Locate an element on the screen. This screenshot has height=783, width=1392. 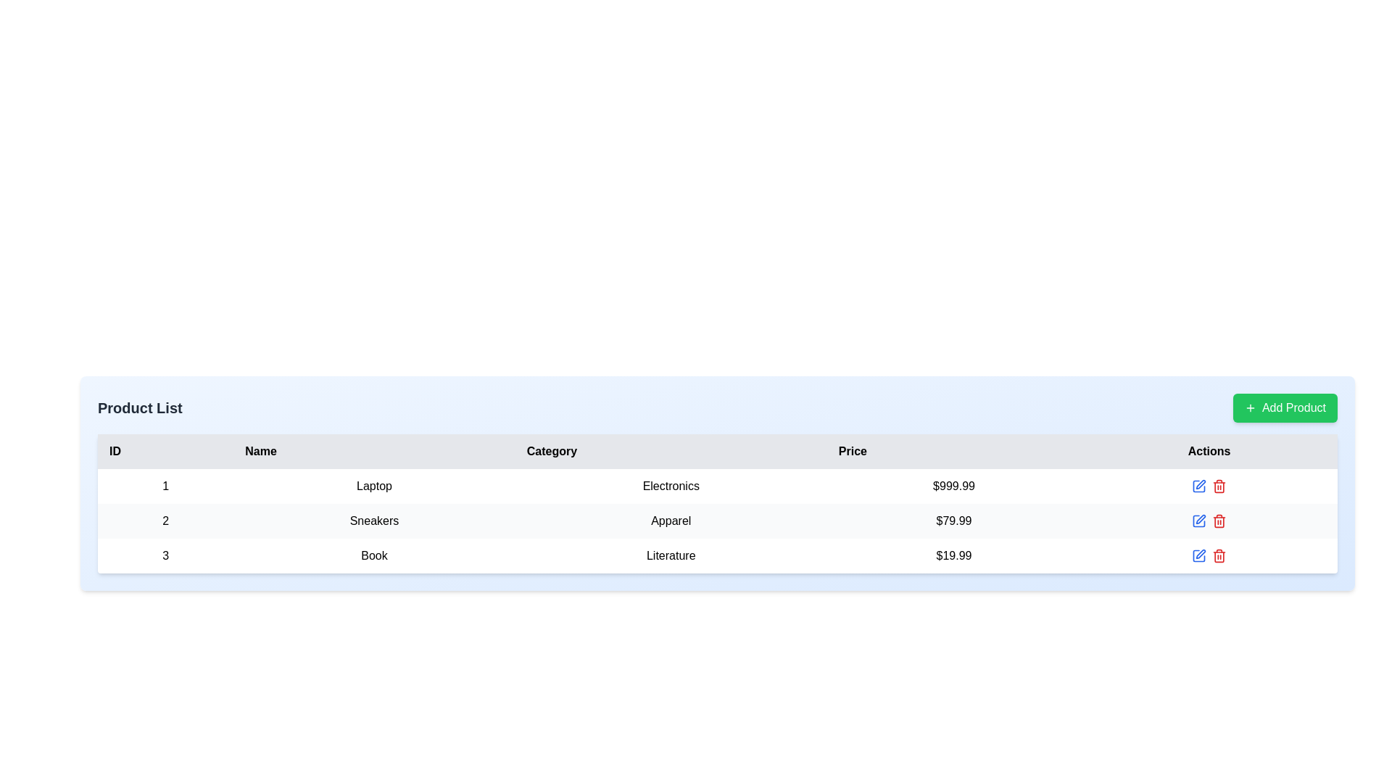
the text label displaying the number '2' in black, located in the first column of the table in the second row, adjacent to the 'Sneakers' label is located at coordinates (165, 520).